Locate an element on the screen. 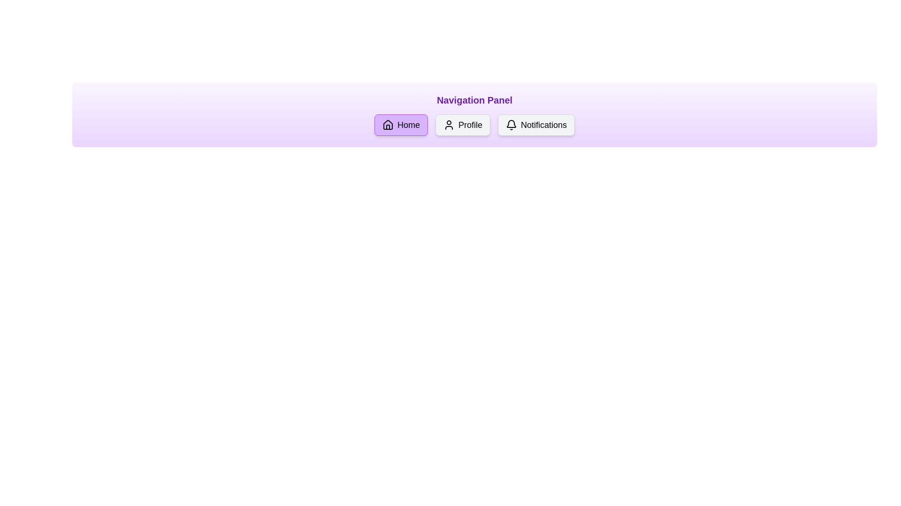  the navigation option Profile by clicking its corresponding button is located at coordinates (463, 124).